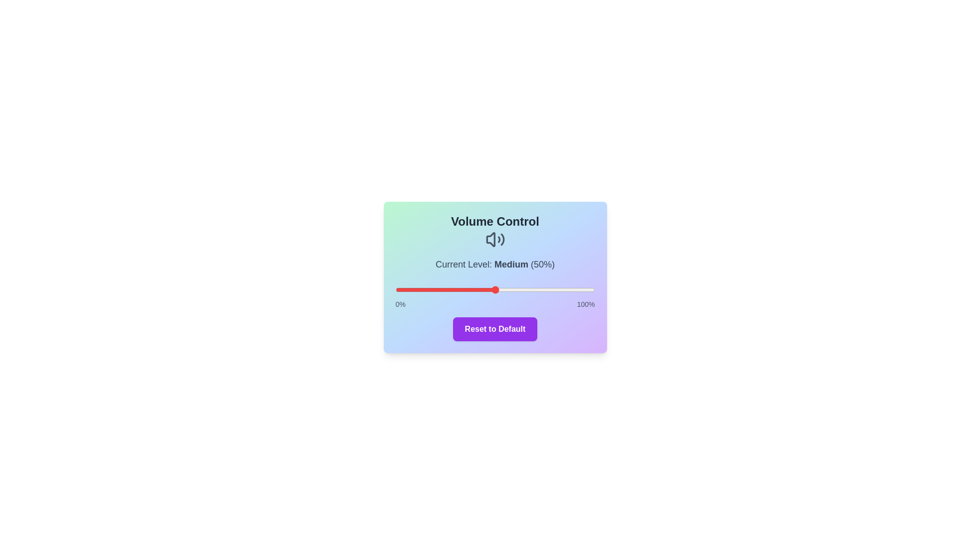 The width and height of the screenshot is (957, 538). What do you see at coordinates (495, 329) in the screenshot?
I see `the 'Reset to Default' button to reset the volume to its default value` at bounding box center [495, 329].